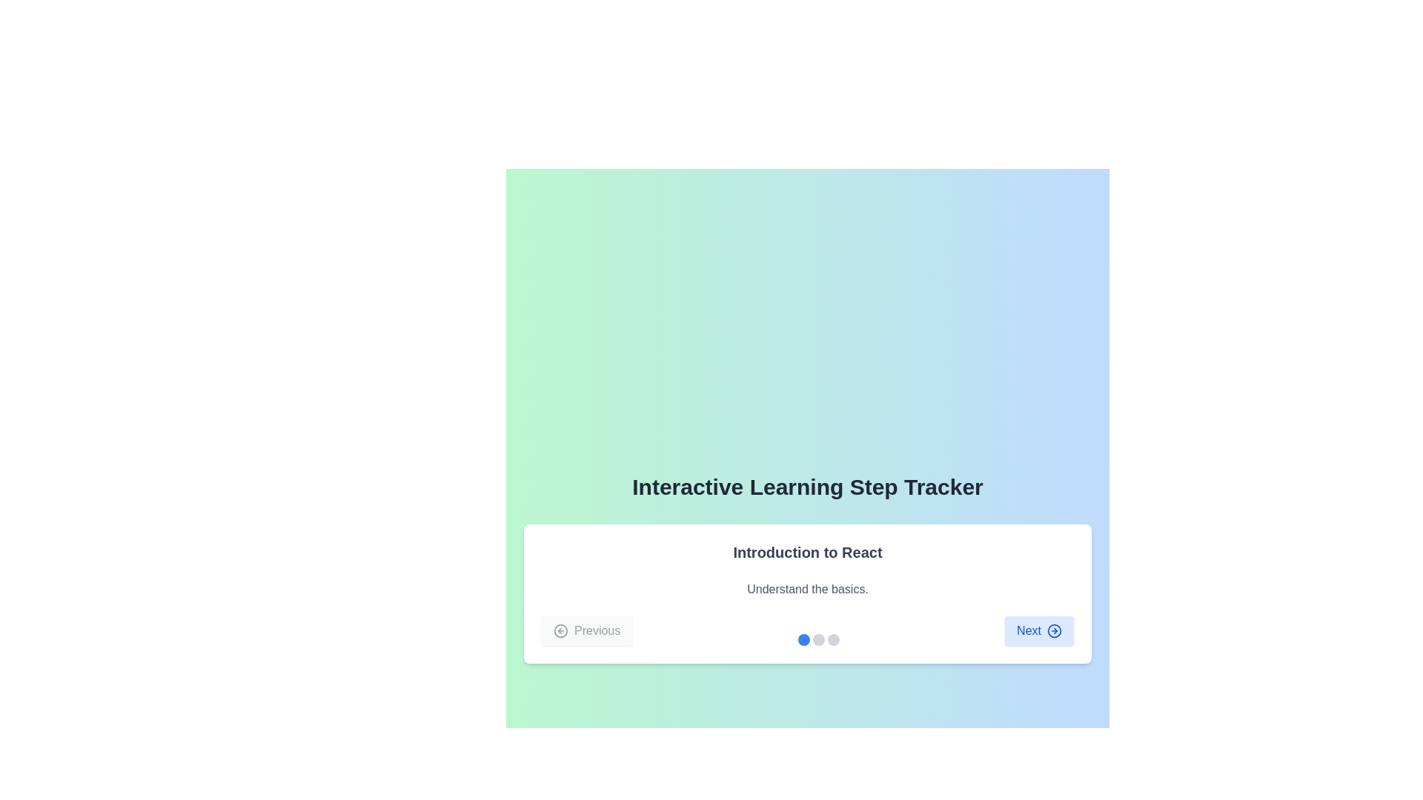 The height and width of the screenshot is (800, 1423). I want to click on the second circular progress indicator, which is gray and positioned at the center-bottom area of a card-like structure, indicating navigation or progression, so click(817, 639).